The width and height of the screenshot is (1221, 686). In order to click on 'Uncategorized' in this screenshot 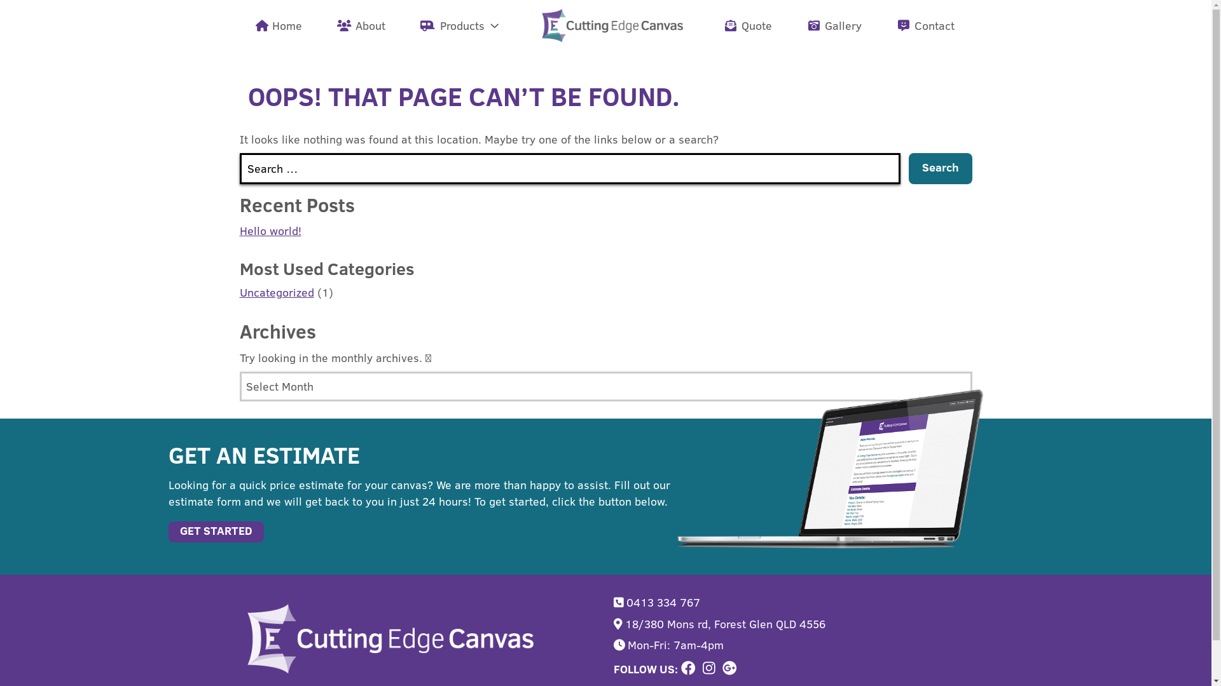, I will do `click(275, 292)`.